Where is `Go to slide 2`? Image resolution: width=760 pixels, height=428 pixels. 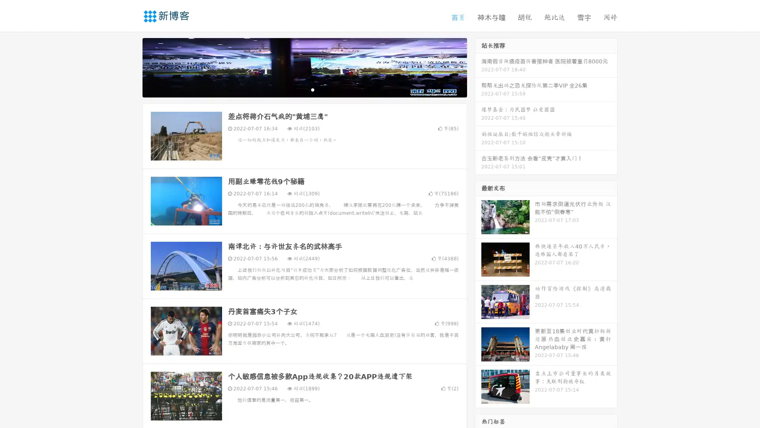
Go to slide 2 is located at coordinates (304, 89).